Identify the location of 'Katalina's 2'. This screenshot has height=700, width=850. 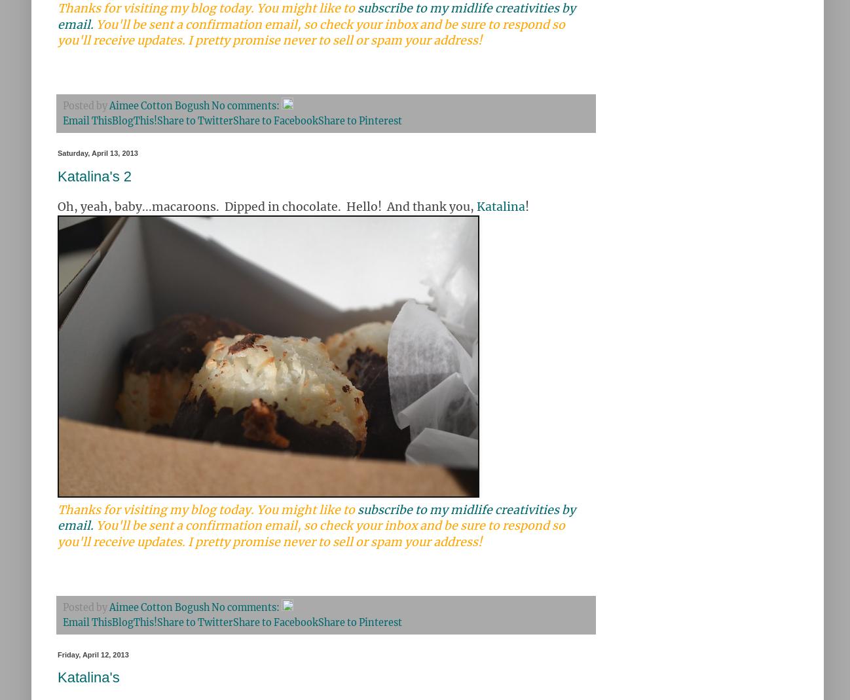
(58, 175).